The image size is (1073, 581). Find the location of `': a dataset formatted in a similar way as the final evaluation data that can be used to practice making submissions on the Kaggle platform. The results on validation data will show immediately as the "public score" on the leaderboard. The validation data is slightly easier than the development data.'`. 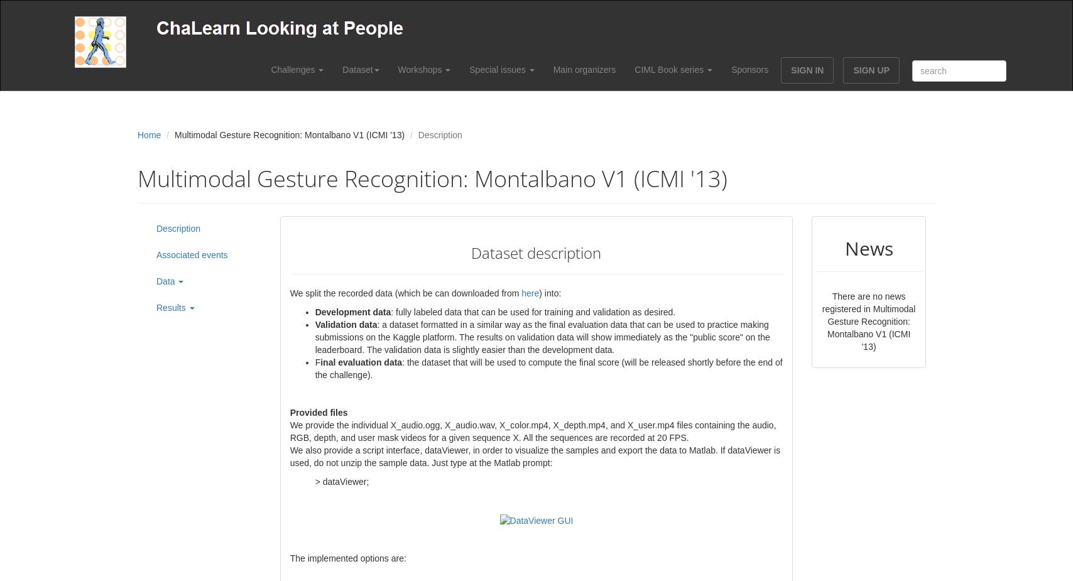

': a dataset formatted in a similar way as the final evaluation data that can be used to practice making submissions on the Kaggle platform. The results on validation data will show immediately as the "public score" on the leaderboard. The validation data is slightly easier than the development data.' is located at coordinates (542, 337).